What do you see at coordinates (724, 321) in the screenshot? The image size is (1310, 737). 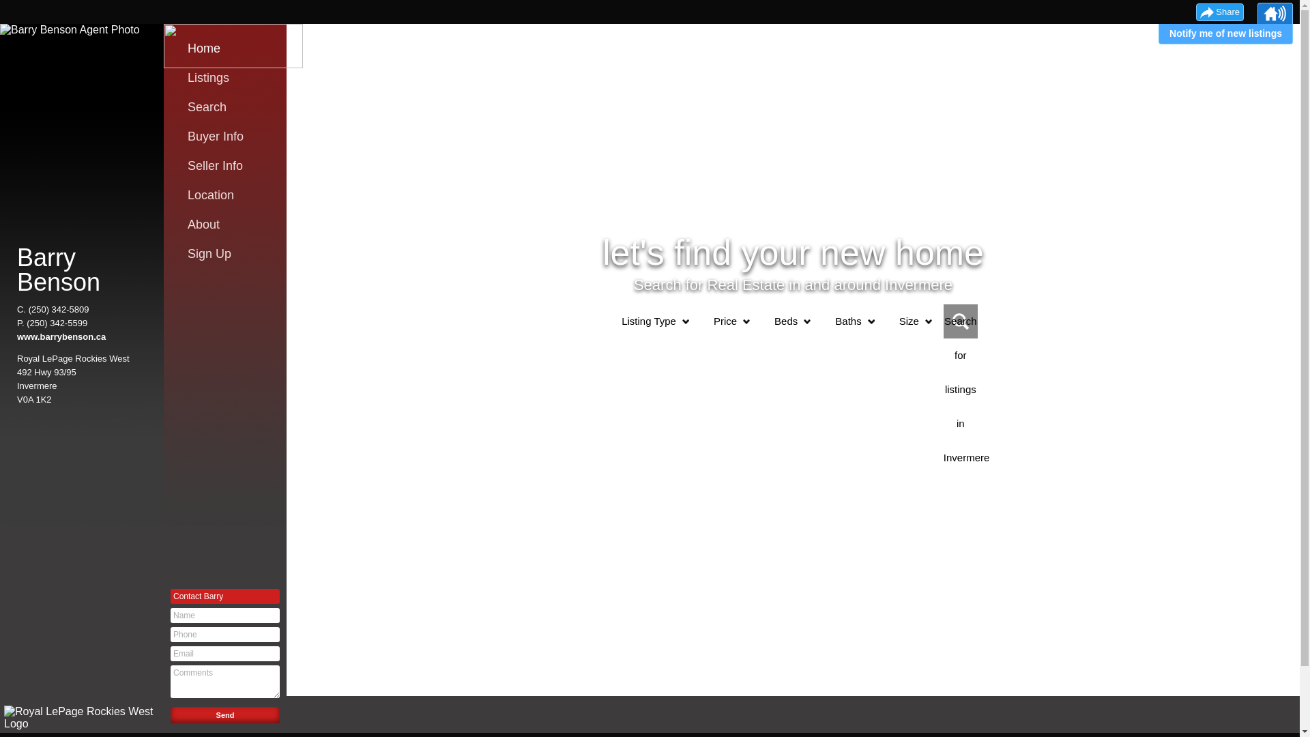 I see `'Price'` at bounding box center [724, 321].